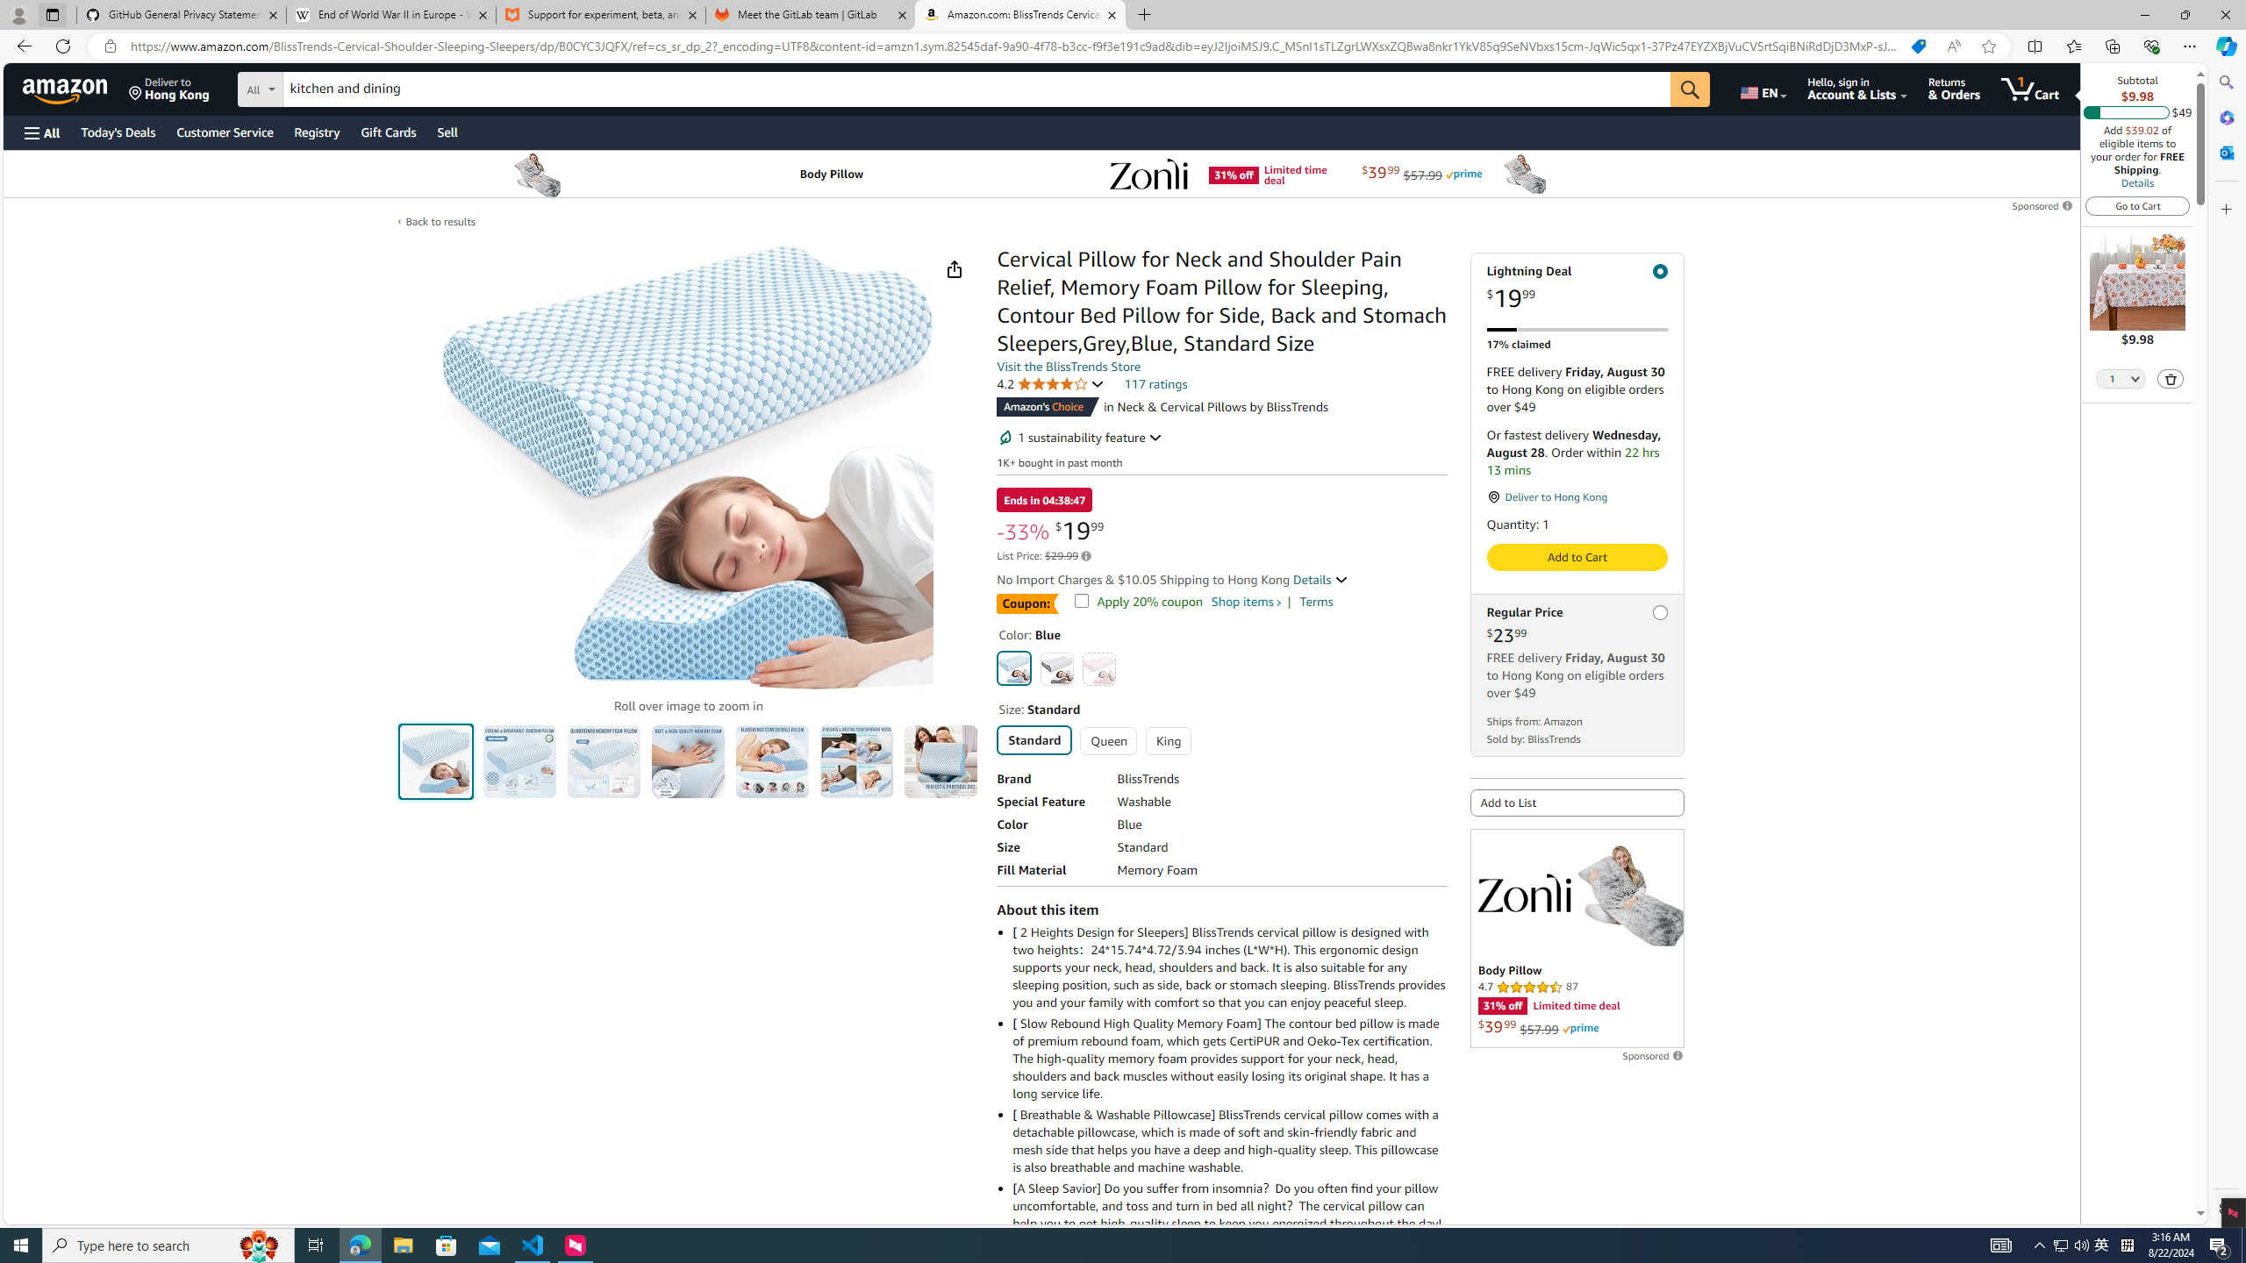 The width and height of the screenshot is (2246, 1263). What do you see at coordinates (118, 132) in the screenshot?
I see `'Today'` at bounding box center [118, 132].